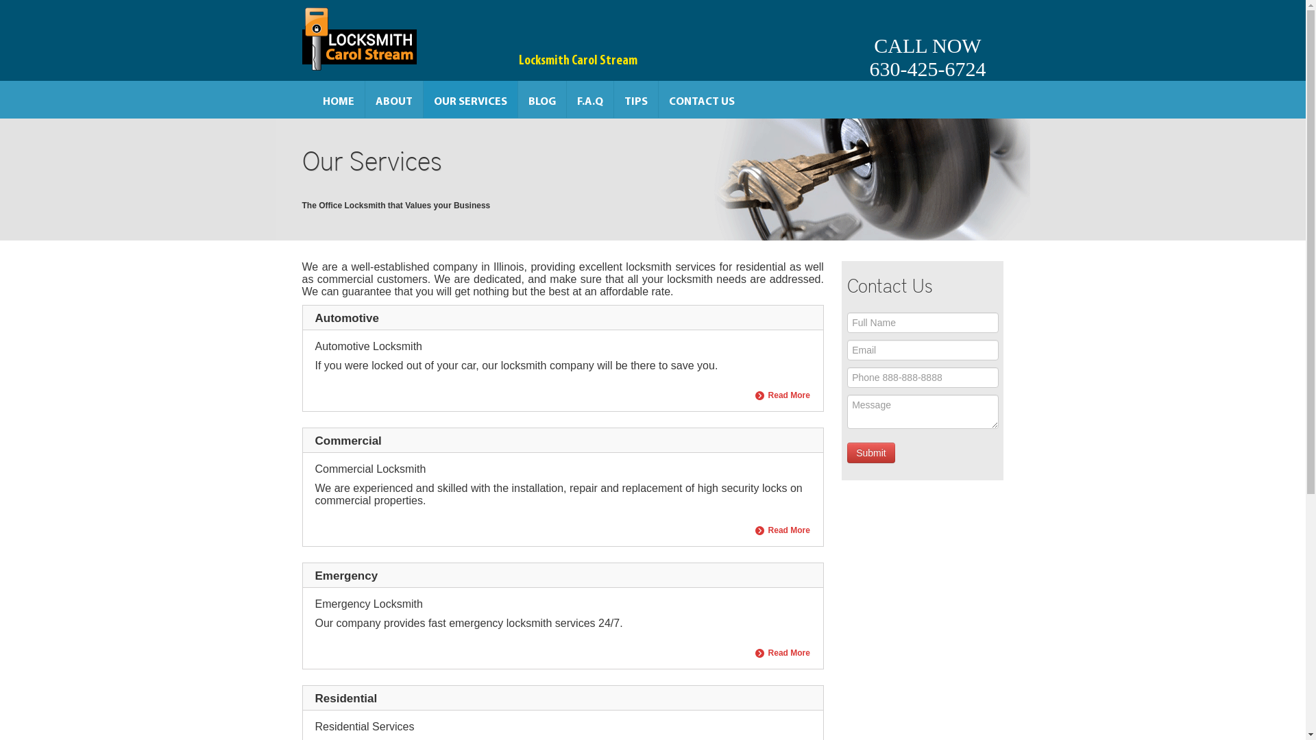 This screenshot has width=1316, height=740. What do you see at coordinates (846, 452) in the screenshot?
I see `'Submit'` at bounding box center [846, 452].